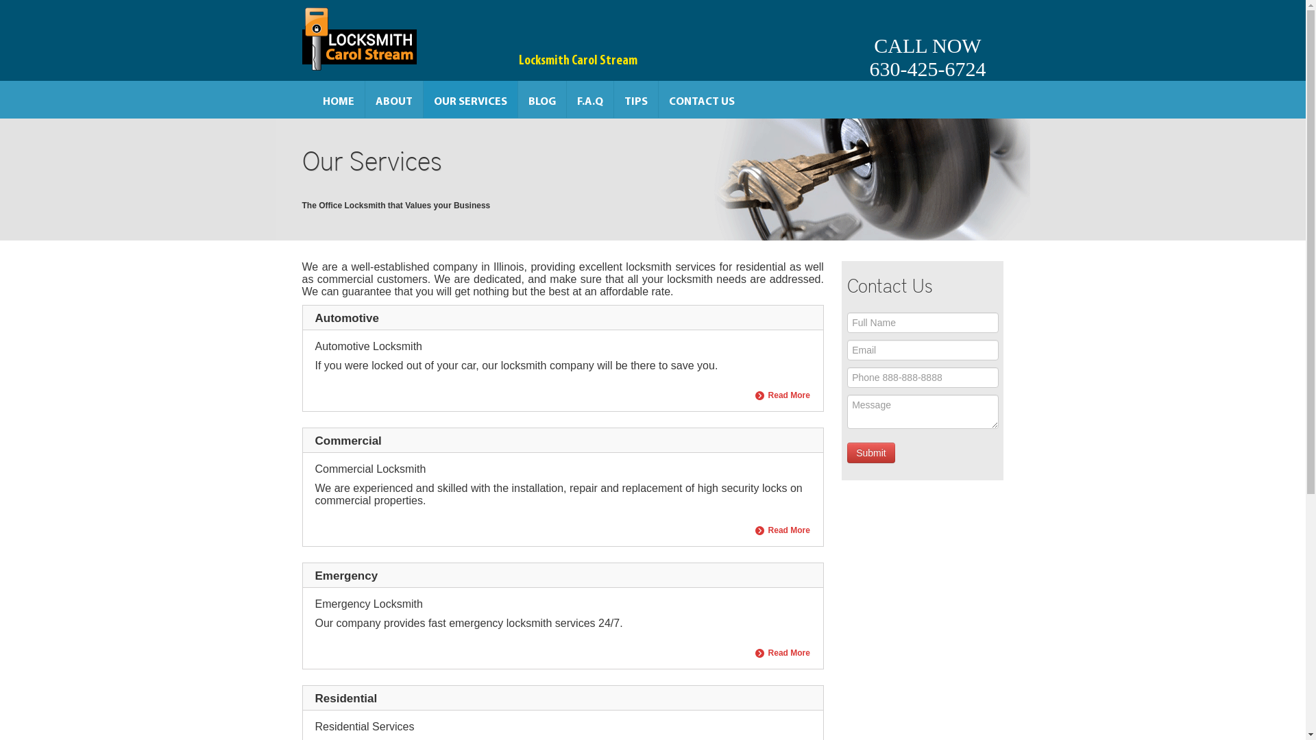 This screenshot has width=1316, height=740. What do you see at coordinates (846, 452) in the screenshot?
I see `'Submit'` at bounding box center [846, 452].